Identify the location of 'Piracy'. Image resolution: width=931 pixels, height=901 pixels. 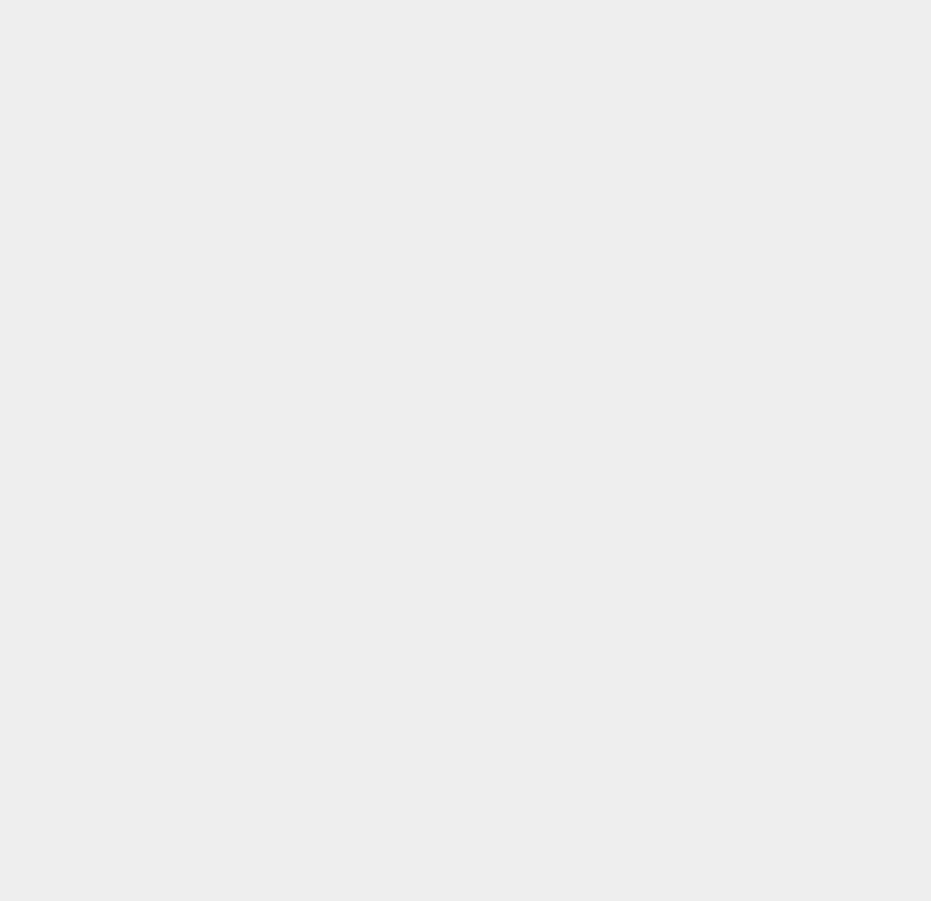
(675, 766).